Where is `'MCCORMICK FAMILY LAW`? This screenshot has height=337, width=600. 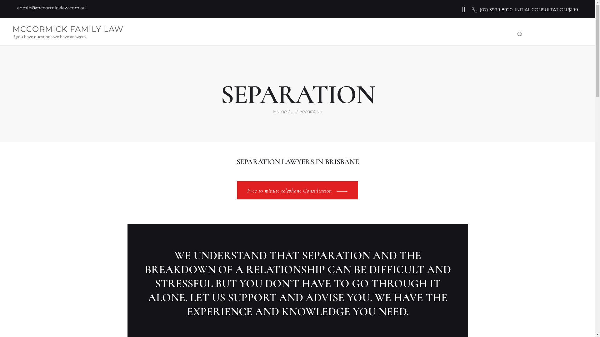
'MCCORMICK FAMILY LAW is located at coordinates (68, 32).